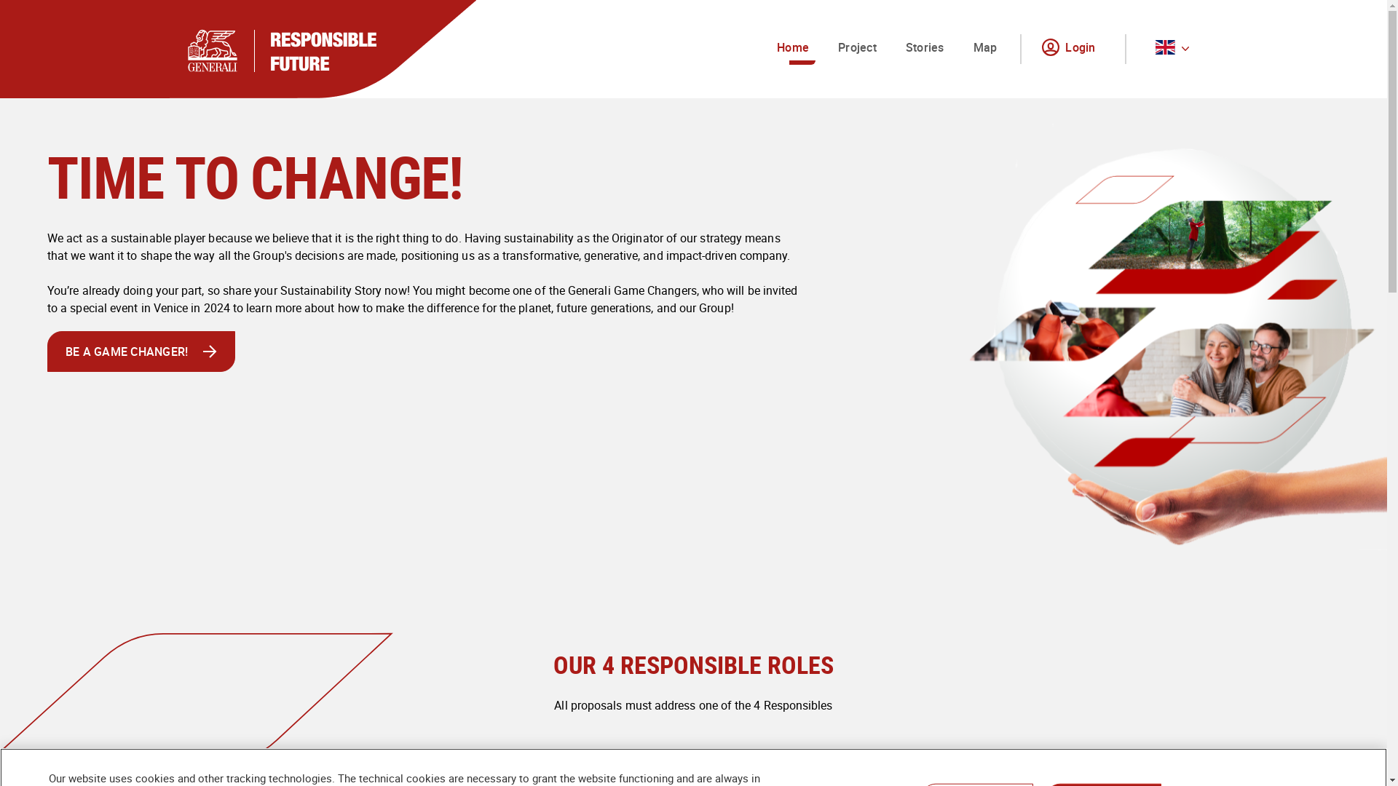  Describe the element at coordinates (792, 48) in the screenshot. I see `'Home` at that location.